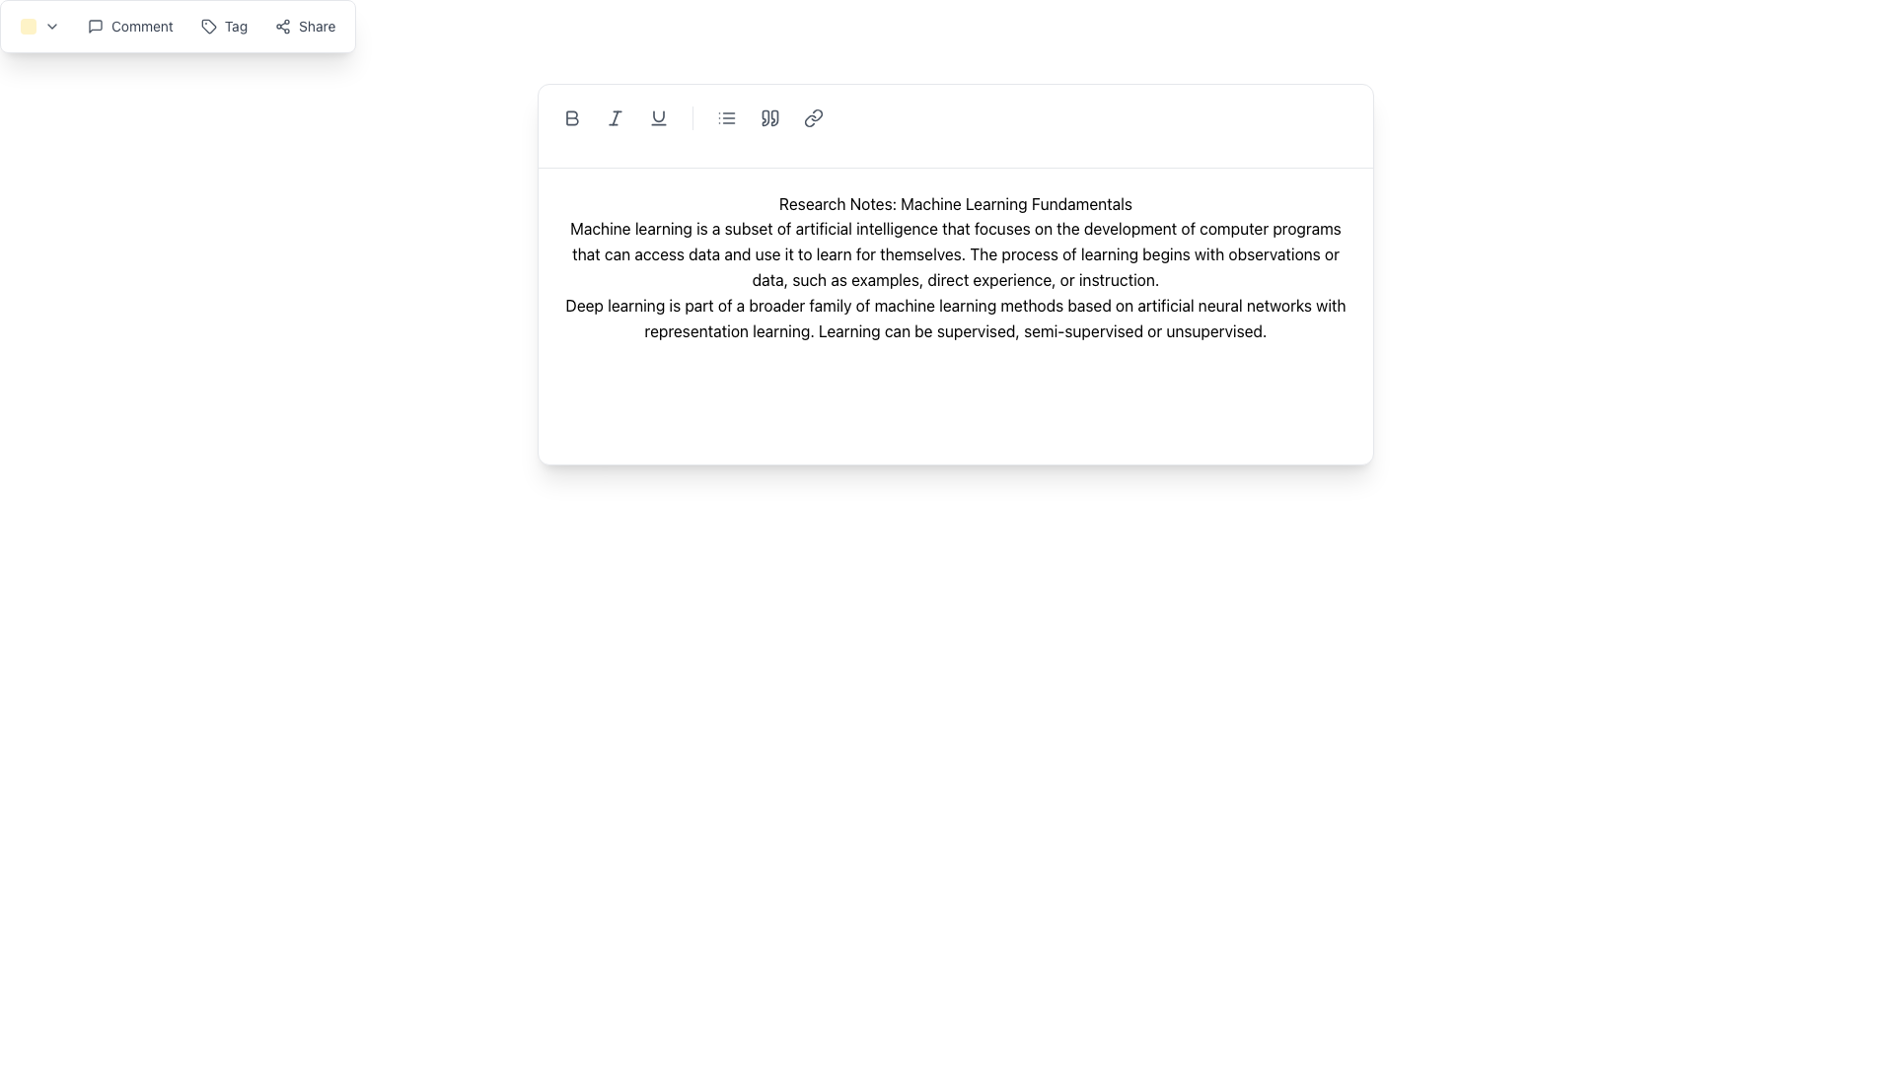  Describe the element at coordinates (773, 117) in the screenshot. I see `the icon element resembling a double quotation mark located on the right side of the SVG component within the toolbar above the text editor area` at that location.